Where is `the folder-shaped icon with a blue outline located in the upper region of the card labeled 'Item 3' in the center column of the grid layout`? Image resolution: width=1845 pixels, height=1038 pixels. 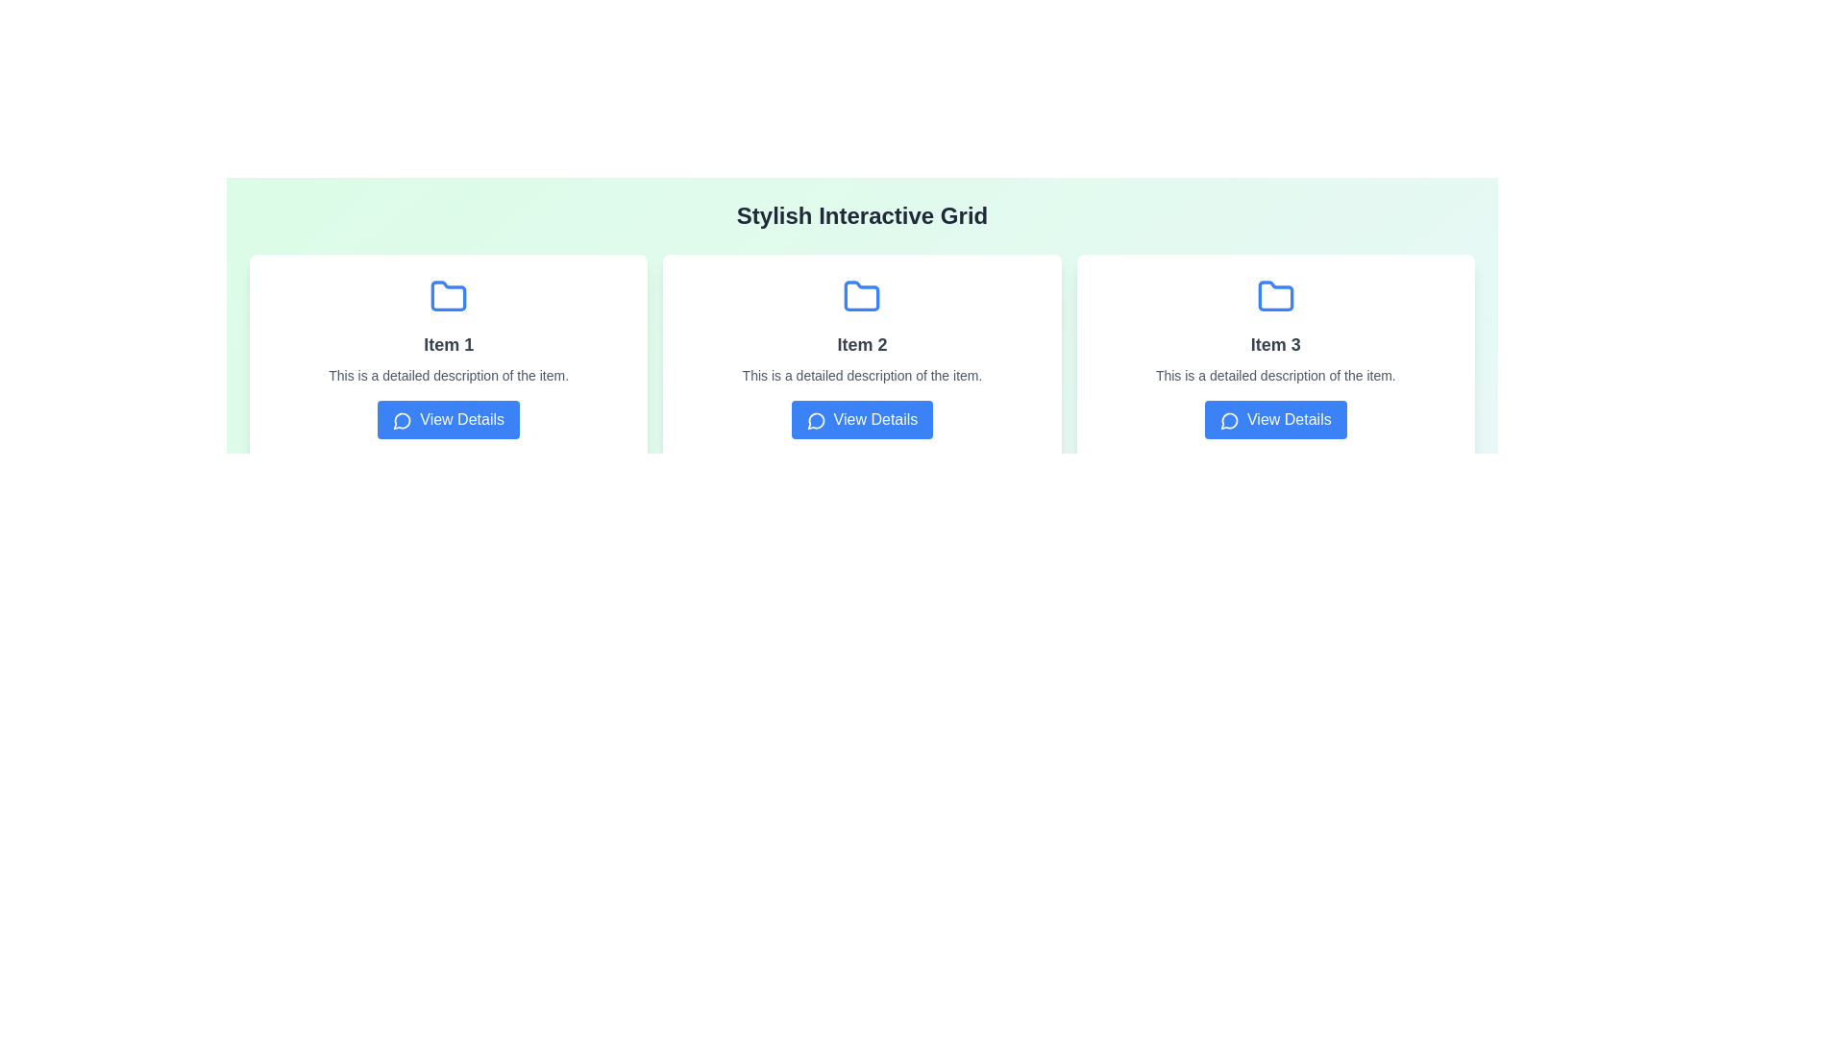 the folder-shaped icon with a blue outline located in the upper region of the card labeled 'Item 3' in the center column of the grid layout is located at coordinates (1275, 296).